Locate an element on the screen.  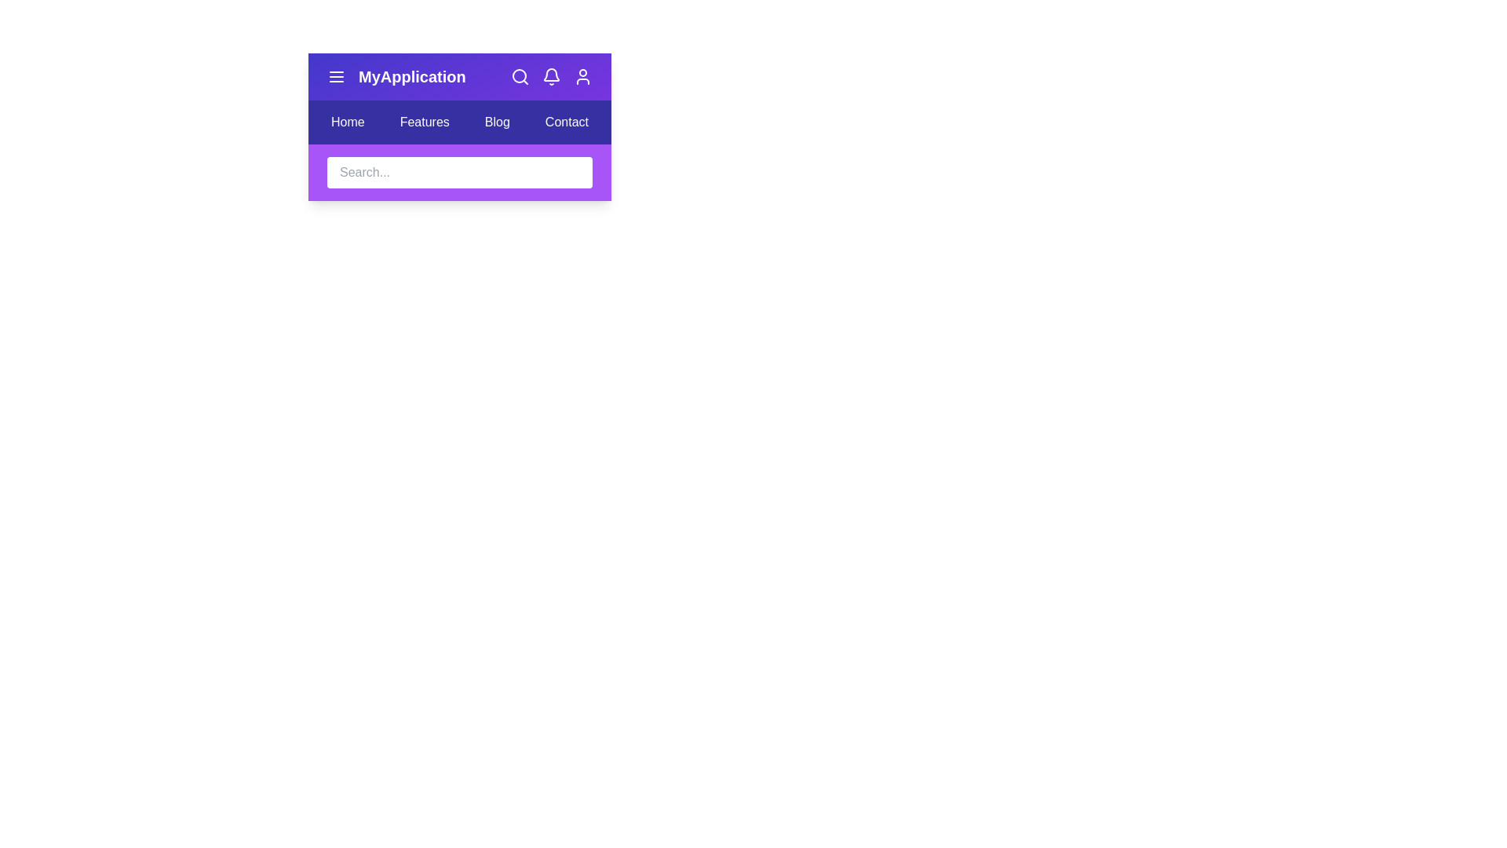
the notification bell icon is located at coordinates (551, 76).